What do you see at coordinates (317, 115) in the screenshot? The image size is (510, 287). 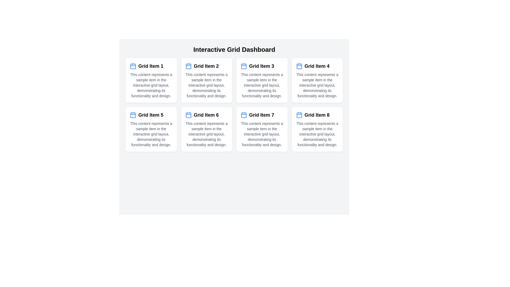 I see `the label displaying 'Grid Item 8' with a blue calendar icon, located in the last column of the second row` at bounding box center [317, 115].